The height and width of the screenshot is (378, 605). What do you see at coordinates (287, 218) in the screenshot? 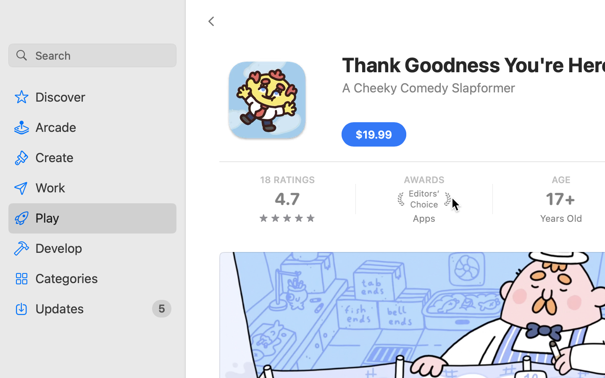
I see `'four and three quarters stars'` at bounding box center [287, 218].